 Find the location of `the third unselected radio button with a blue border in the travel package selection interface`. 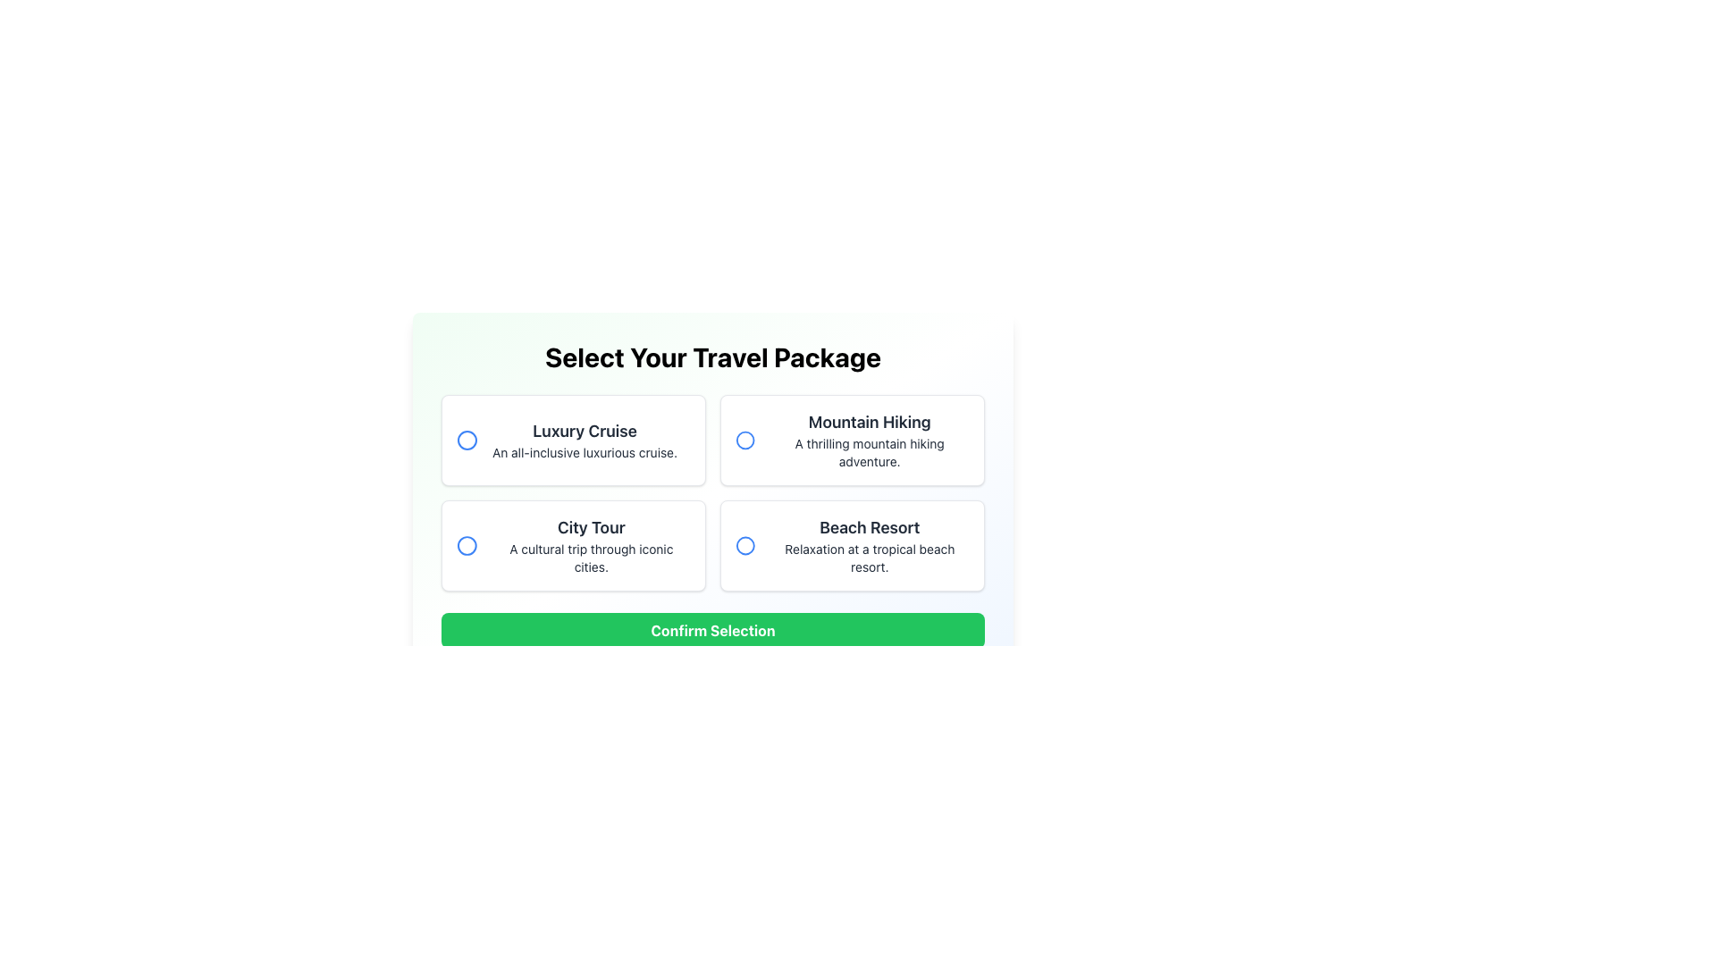

the third unselected radio button with a blue border in the travel package selection interface is located at coordinates (467, 544).